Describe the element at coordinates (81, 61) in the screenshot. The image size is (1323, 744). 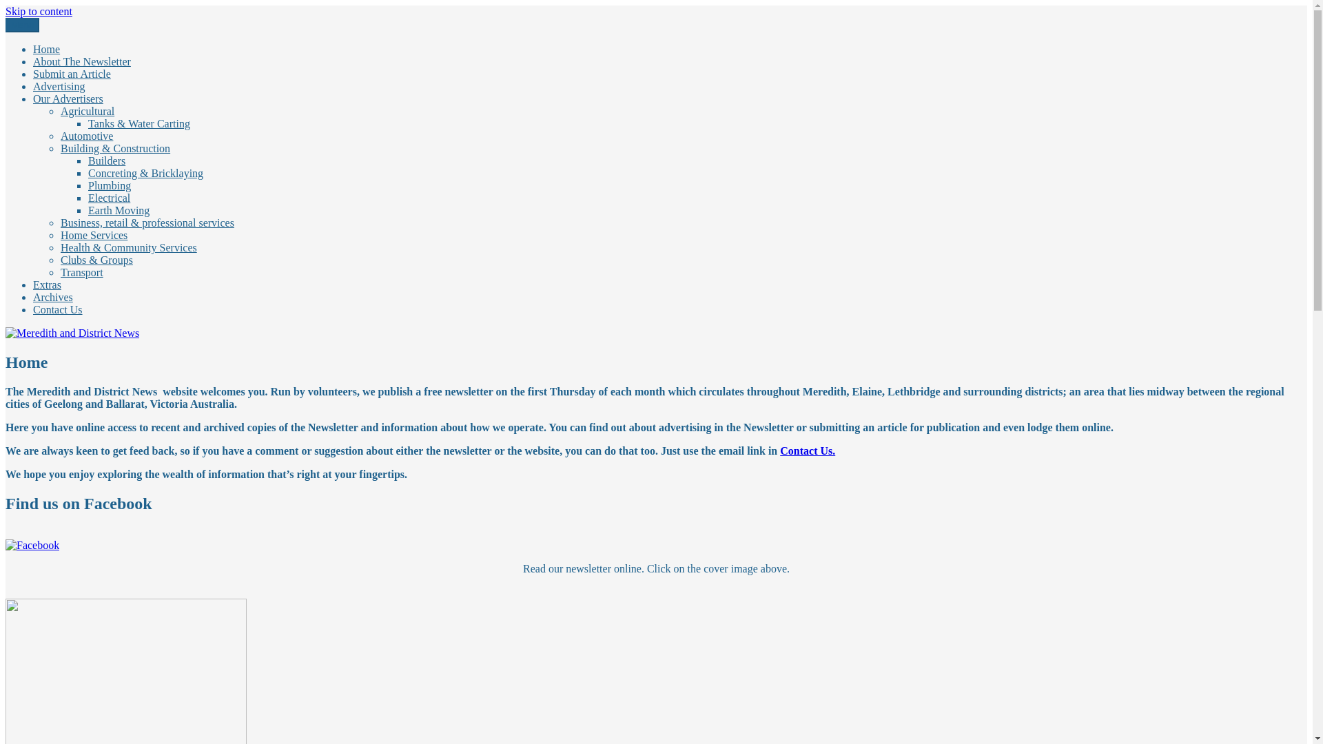
I see `'About The Newsletter'` at that location.